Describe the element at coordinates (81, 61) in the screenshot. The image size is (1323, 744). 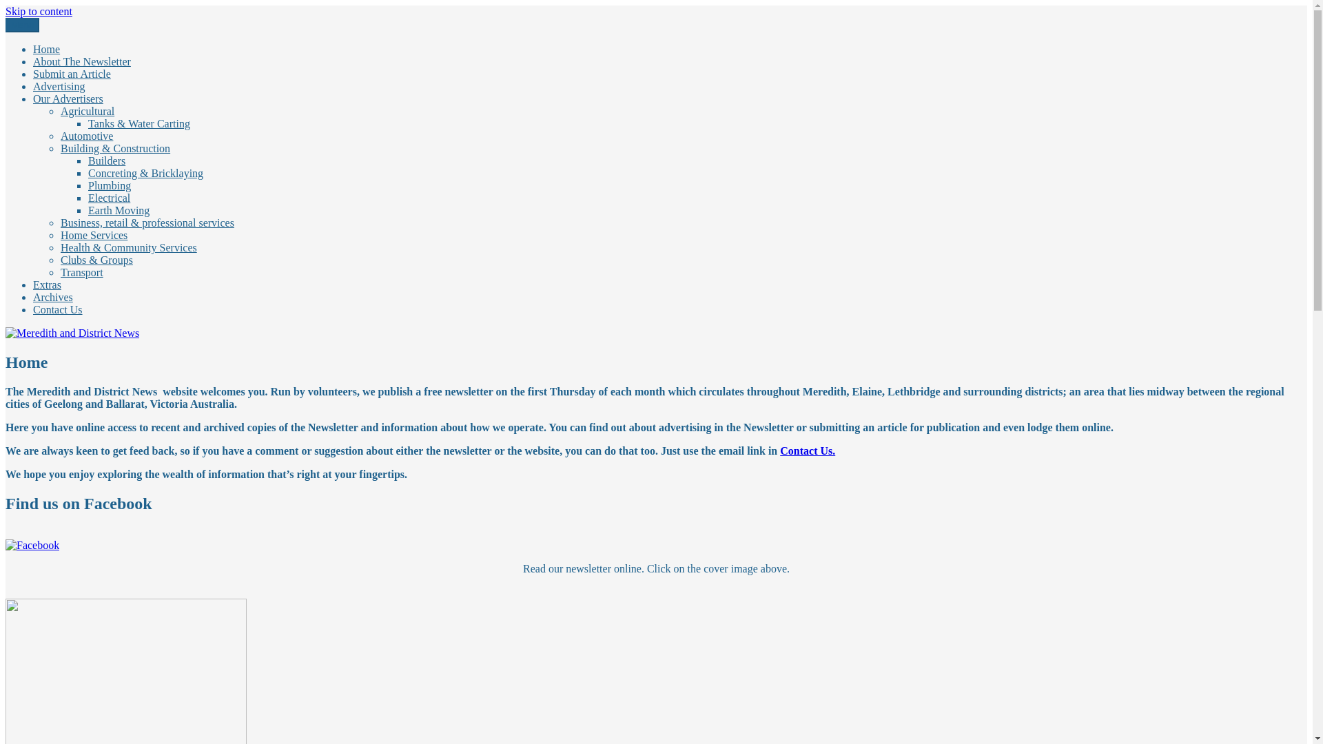
I see `'About The Newsletter'` at that location.